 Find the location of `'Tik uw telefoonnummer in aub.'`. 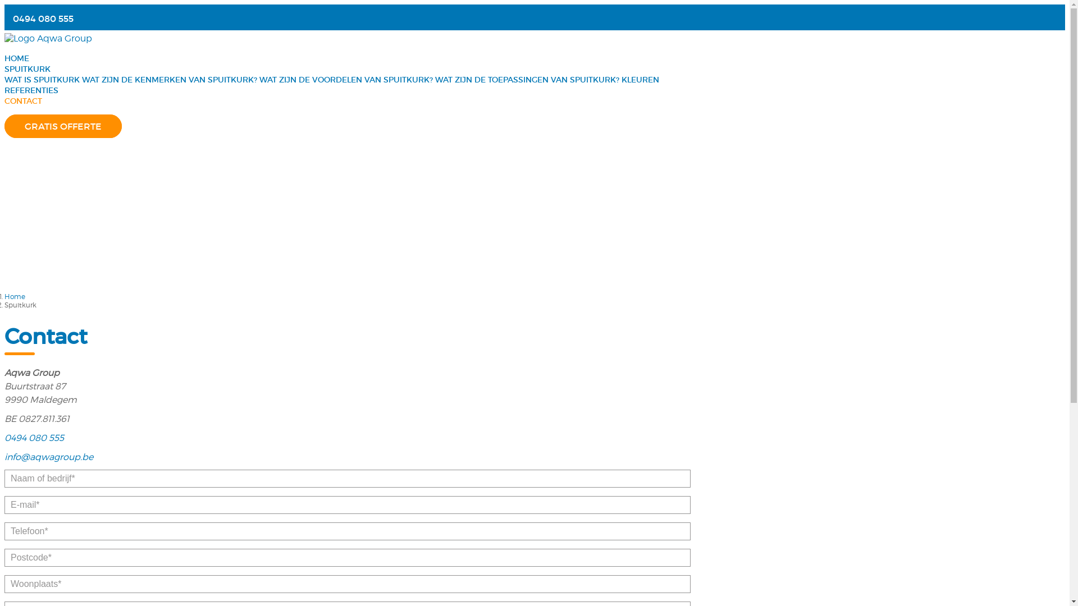

'Tik uw telefoonnummer in aub.' is located at coordinates (347, 531).